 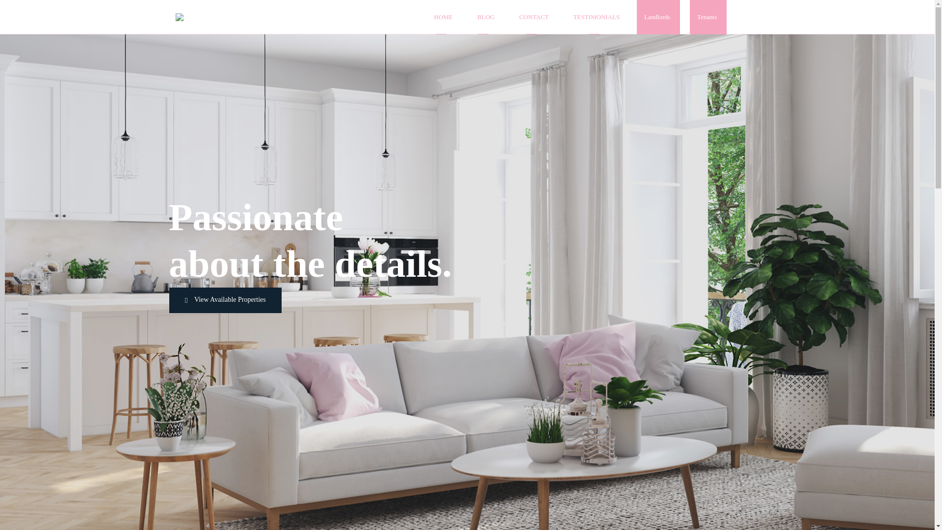 What do you see at coordinates (708, 17) in the screenshot?
I see `'Tenants'` at bounding box center [708, 17].